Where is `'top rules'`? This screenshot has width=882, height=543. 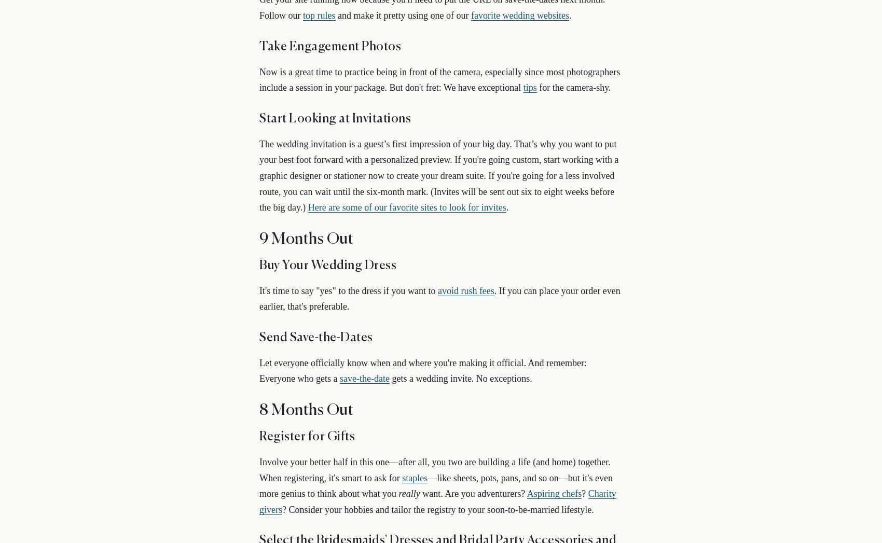 'top rules' is located at coordinates (319, 15).